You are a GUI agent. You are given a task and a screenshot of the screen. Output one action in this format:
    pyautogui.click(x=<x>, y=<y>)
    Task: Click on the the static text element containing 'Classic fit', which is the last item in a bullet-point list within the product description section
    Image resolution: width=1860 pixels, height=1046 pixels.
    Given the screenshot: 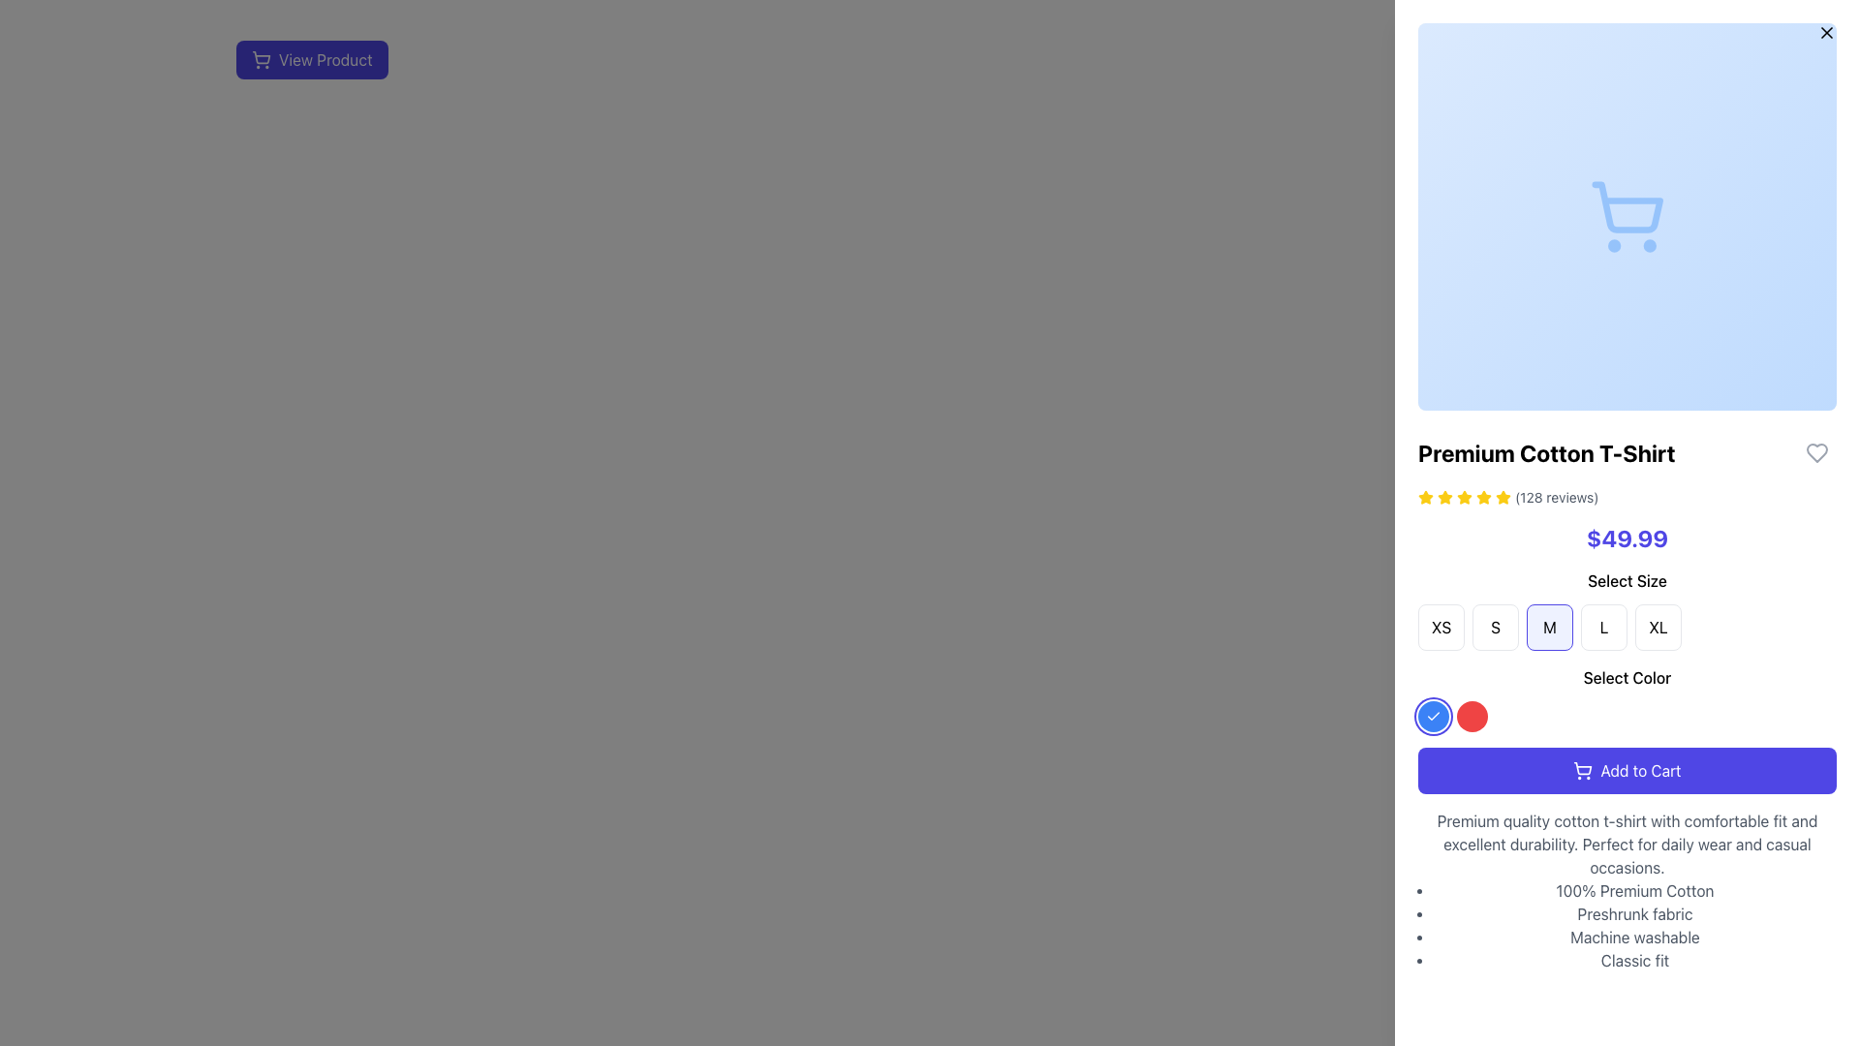 What is the action you would take?
    pyautogui.click(x=1634, y=960)
    